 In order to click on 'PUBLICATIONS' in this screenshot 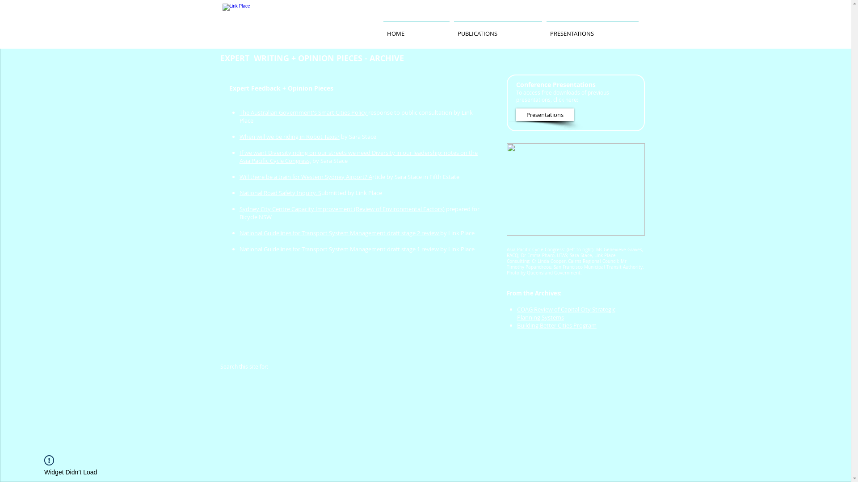, I will do `click(451, 29)`.